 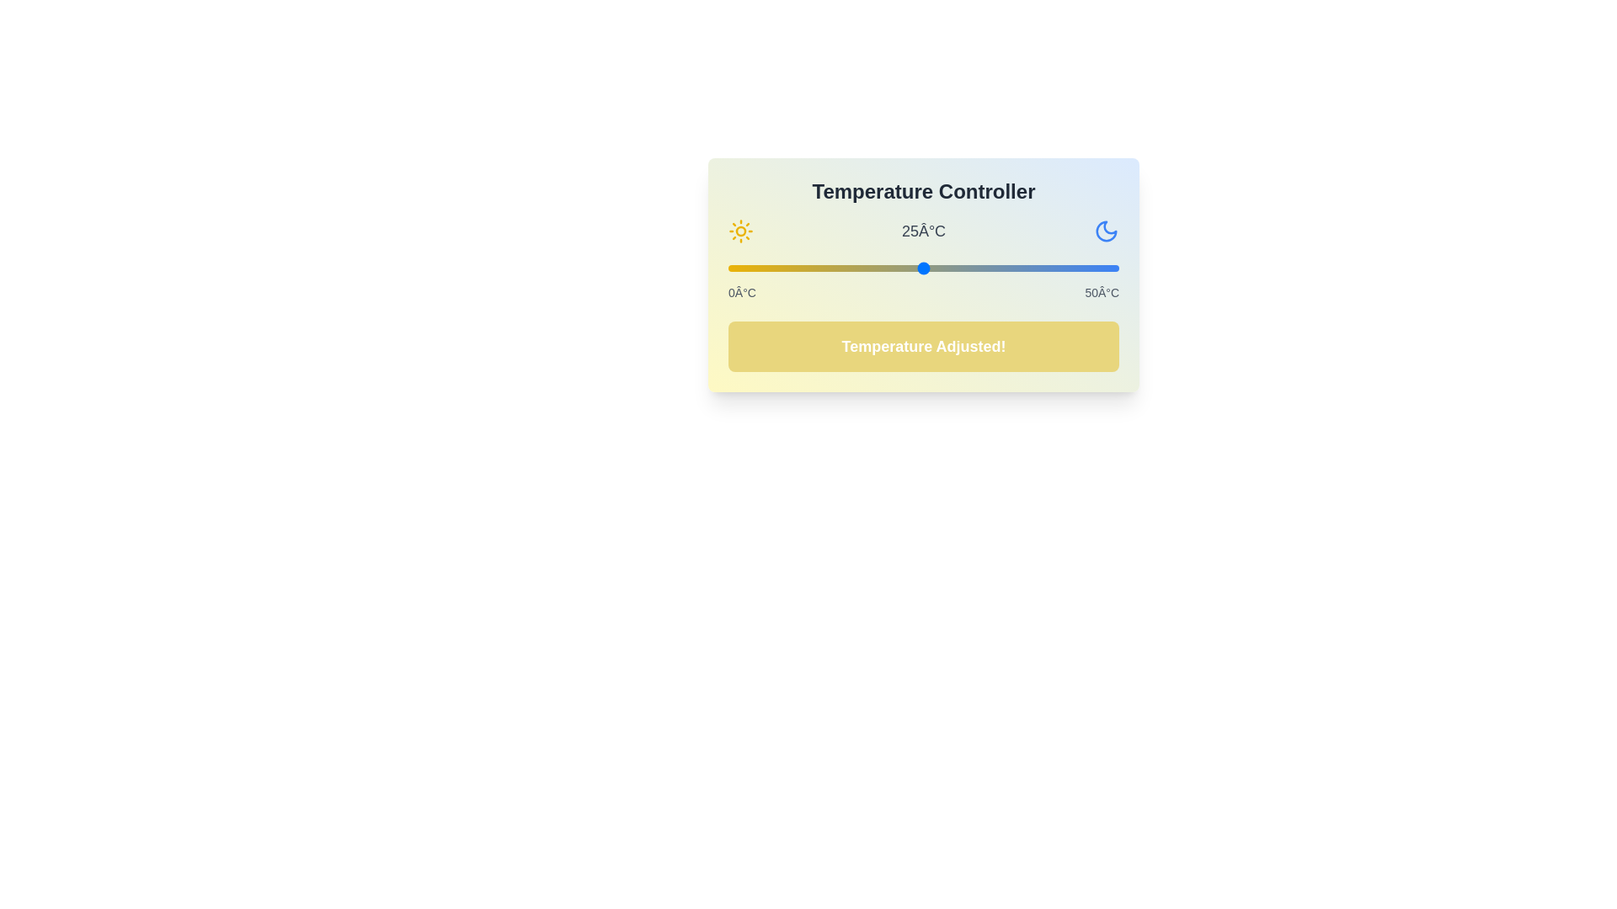 What do you see at coordinates (1107, 231) in the screenshot?
I see `the moon icon to explore its functionality` at bounding box center [1107, 231].